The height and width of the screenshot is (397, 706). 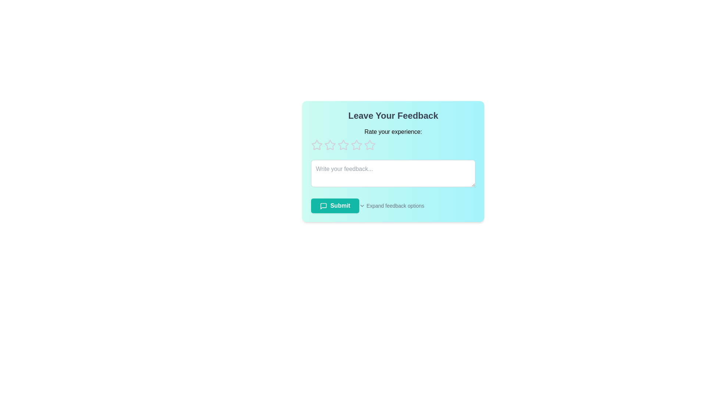 I want to click on the speech bubble icon with a teal background and white outline, located to the left of the 'Submit' text on the button at the bottom-left corner of the feedback form, so click(x=323, y=205).